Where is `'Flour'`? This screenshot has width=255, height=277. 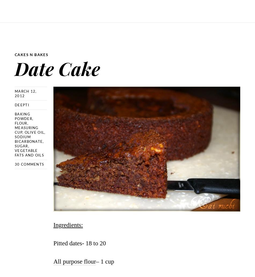
'Flour' is located at coordinates (15, 123).